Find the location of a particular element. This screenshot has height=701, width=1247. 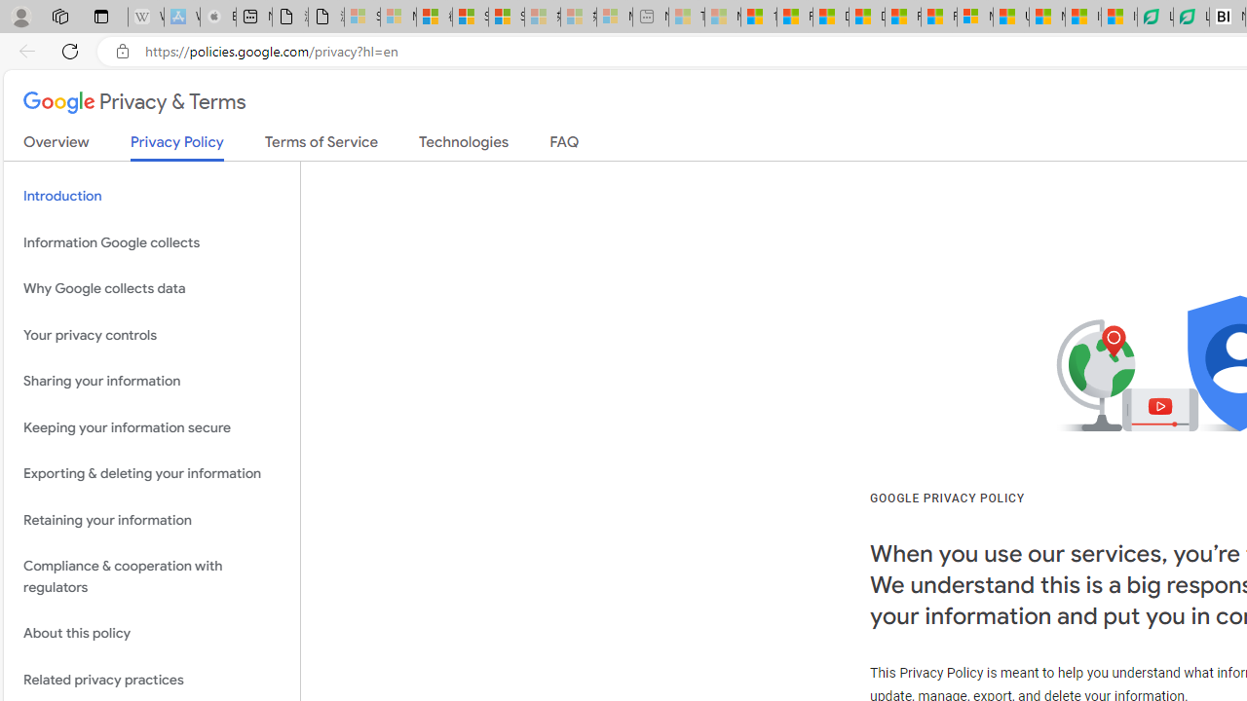

'Retaining your information' is located at coordinates (151, 519).